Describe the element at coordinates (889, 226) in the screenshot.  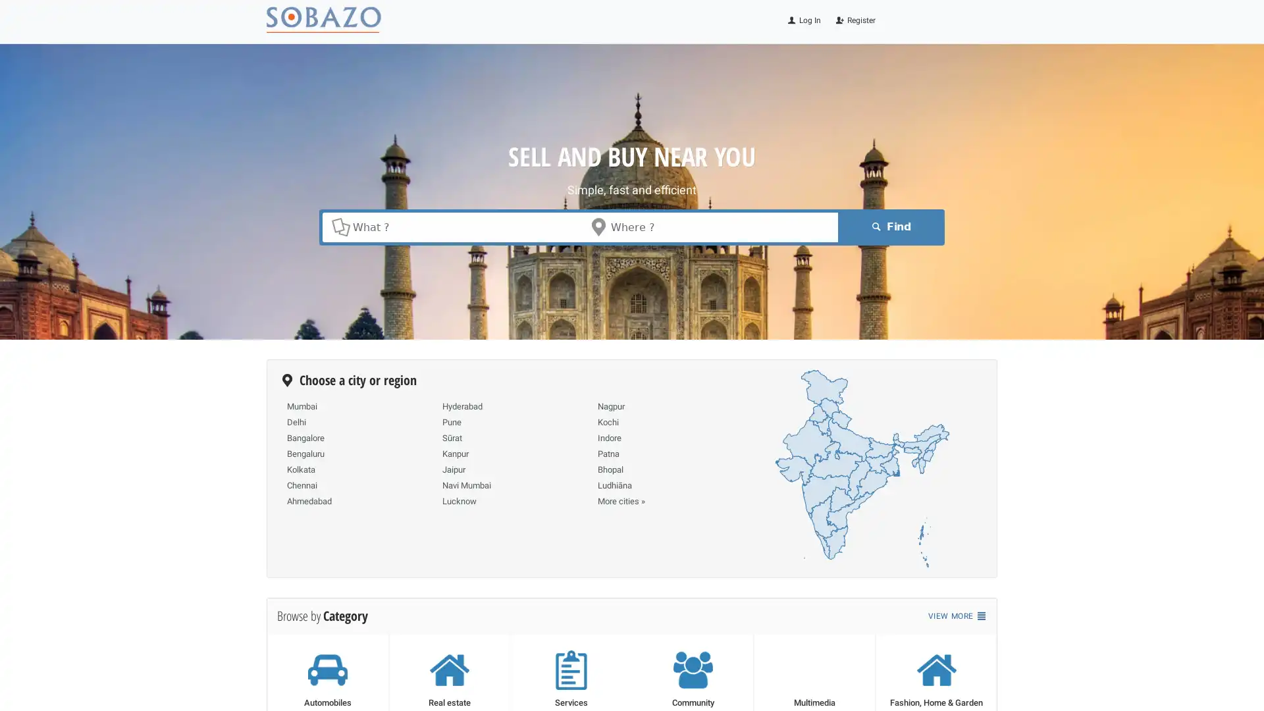
I see `Find` at that location.